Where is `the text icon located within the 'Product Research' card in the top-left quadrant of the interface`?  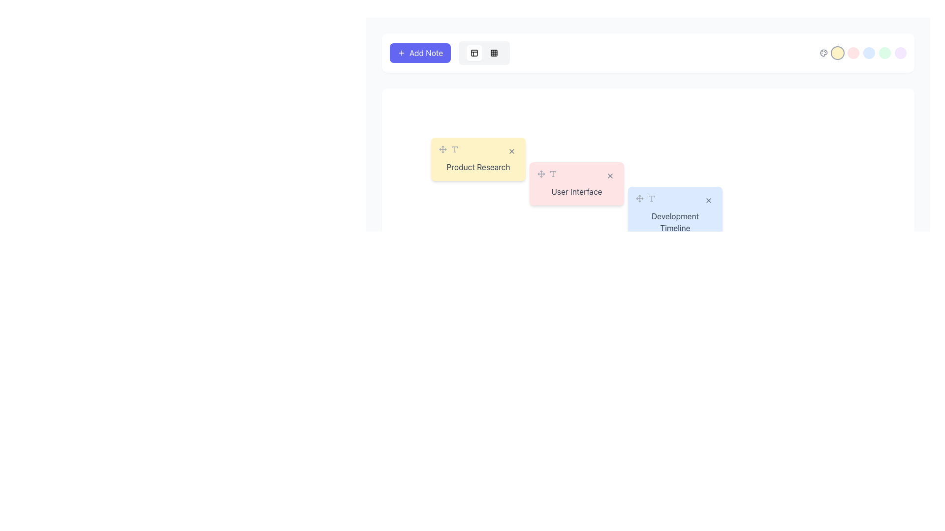 the text icon located within the 'Product Research' card in the top-left quadrant of the interface is located at coordinates (448, 149).